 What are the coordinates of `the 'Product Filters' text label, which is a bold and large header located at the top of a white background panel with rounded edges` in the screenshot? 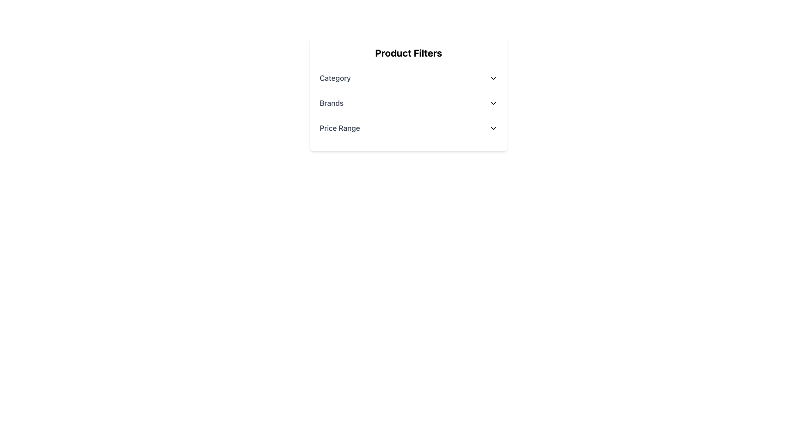 It's located at (409, 53).